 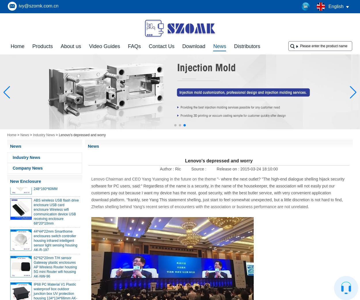 I want to click on 'New Enclosure', so click(x=25, y=181).